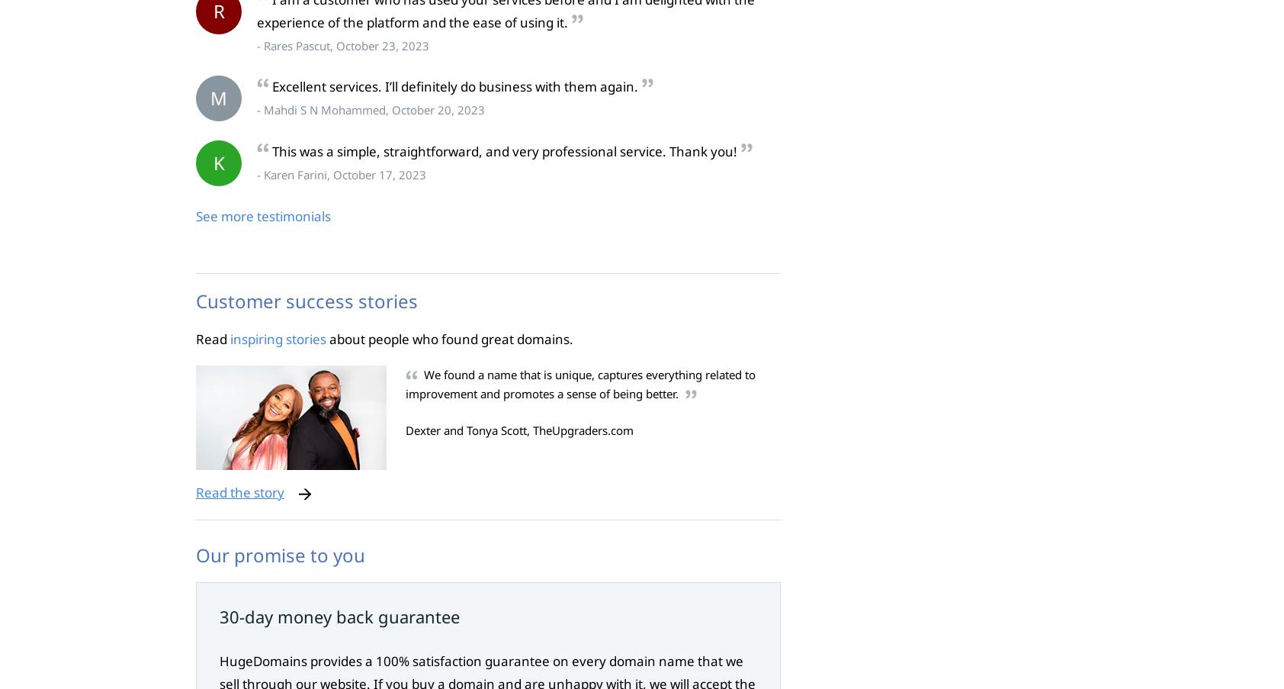 The width and height of the screenshot is (1284, 689). What do you see at coordinates (280, 554) in the screenshot?
I see `'Our promise to you'` at bounding box center [280, 554].